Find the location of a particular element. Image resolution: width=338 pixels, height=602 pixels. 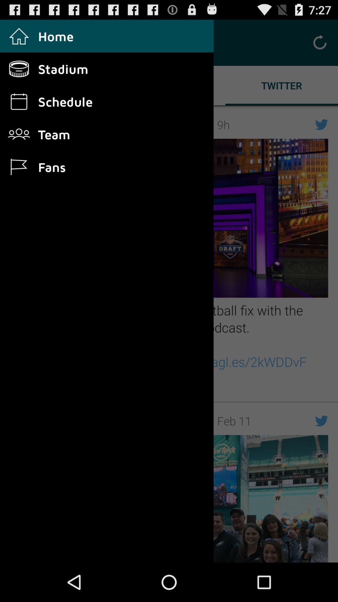

the icon beside team is located at coordinates (24, 134).